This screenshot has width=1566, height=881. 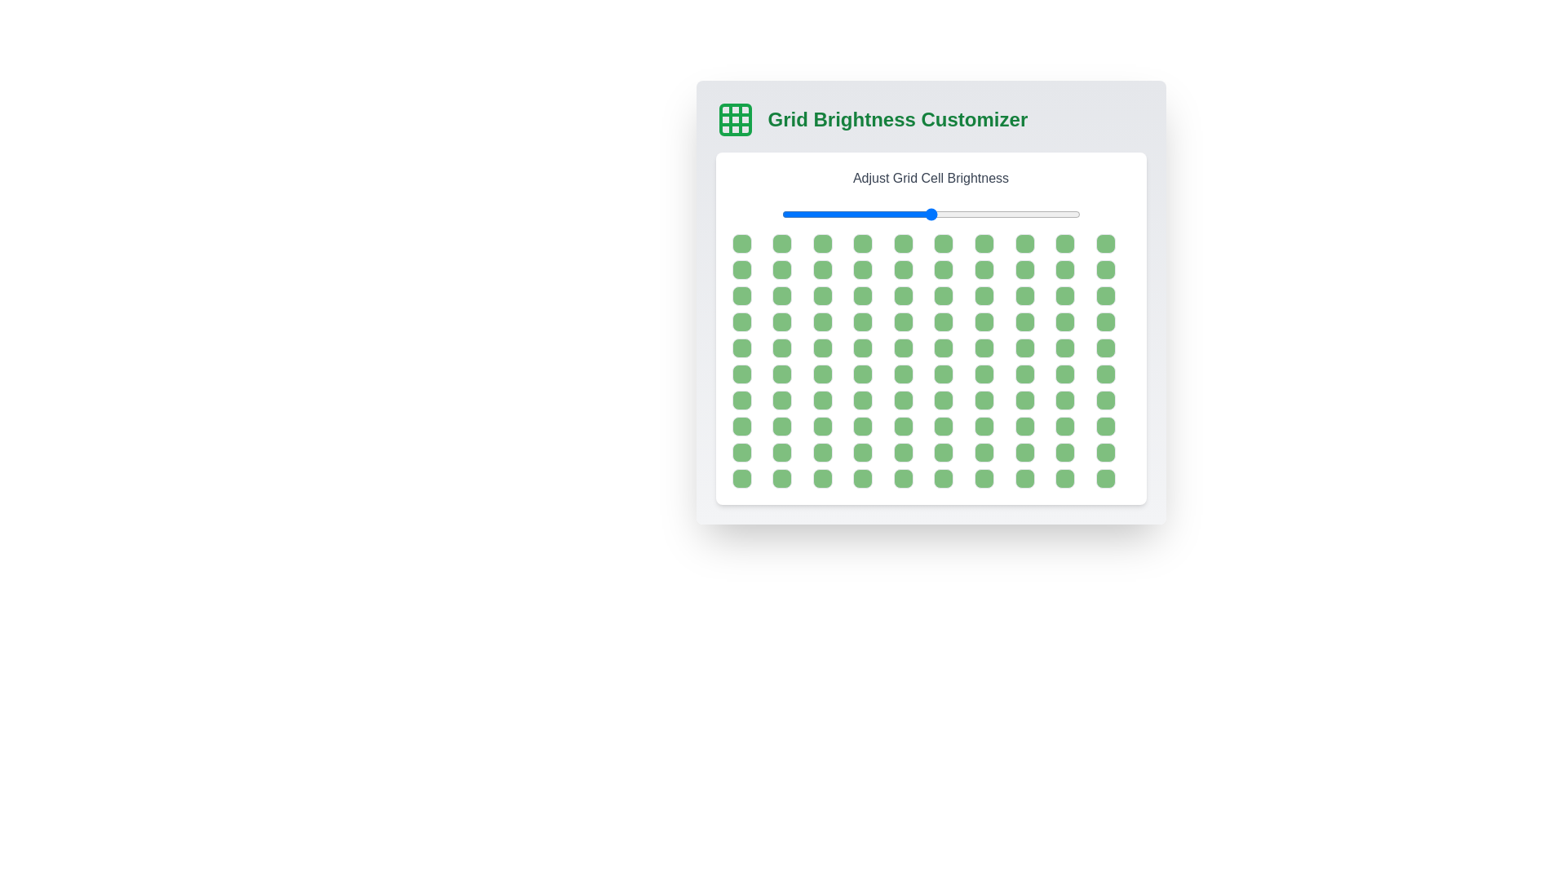 What do you see at coordinates (996, 213) in the screenshot?
I see `the brightness slider to 72%` at bounding box center [996, 213].